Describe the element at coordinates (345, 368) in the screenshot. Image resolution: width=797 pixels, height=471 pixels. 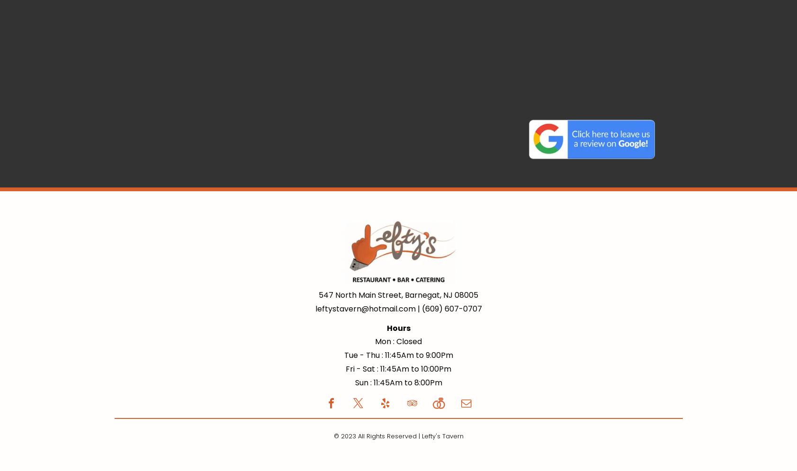
I see `'Fri - Sat : 11:45Am to 10:00Pm'` at that location.